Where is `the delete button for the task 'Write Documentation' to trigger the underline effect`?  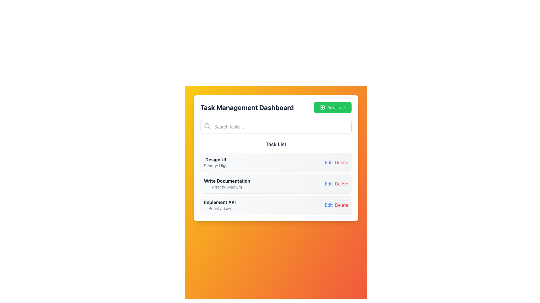 the delete button for the task 'Write Documentation' to trigger the underline effect is located at coordinates (341, 184).